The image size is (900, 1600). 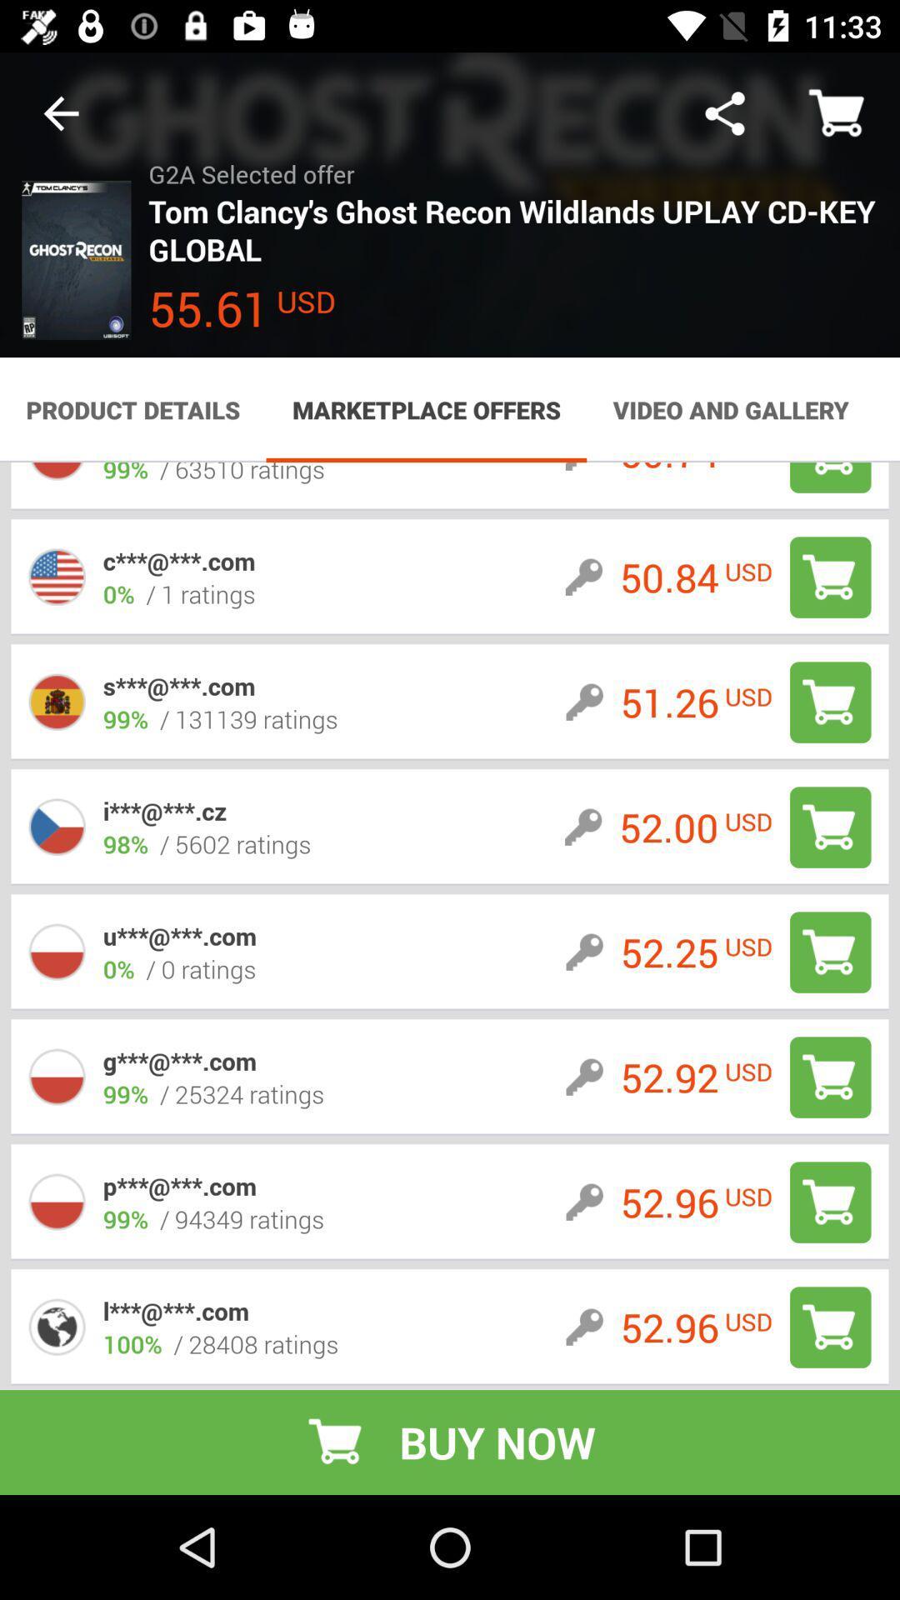 I want to click on go do bachres, so click(x=830, y=1077).